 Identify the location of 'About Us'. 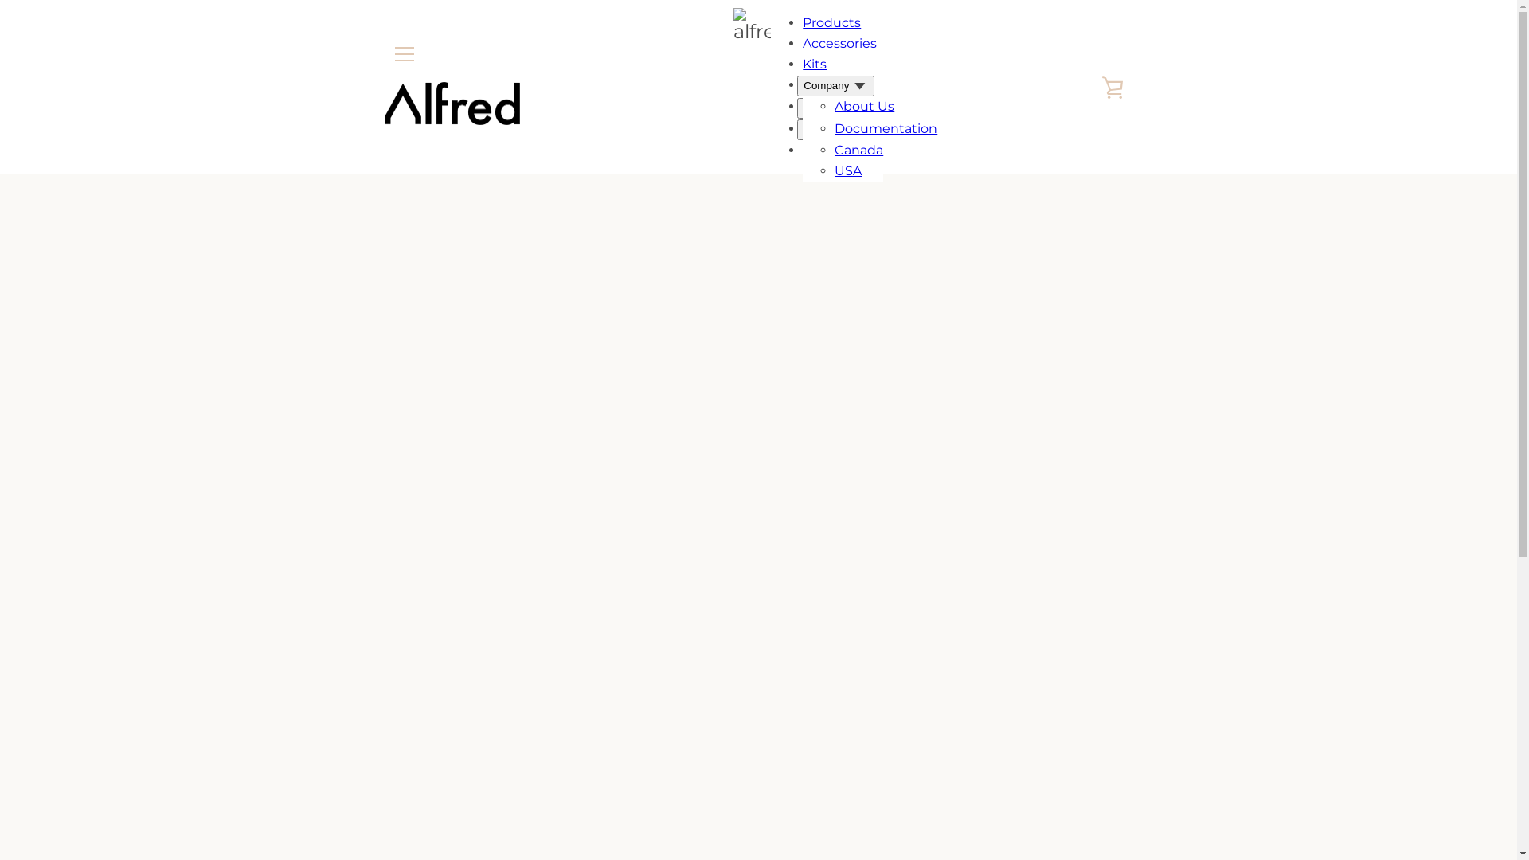
(863, 106).